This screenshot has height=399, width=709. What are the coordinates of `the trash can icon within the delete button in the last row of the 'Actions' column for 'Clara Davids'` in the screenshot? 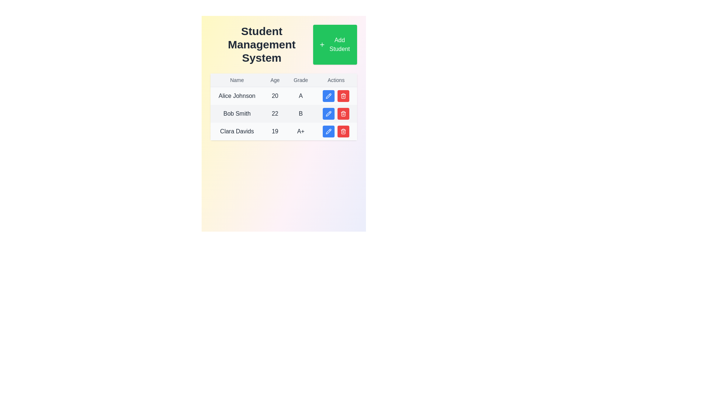 It's located at (343, 95).